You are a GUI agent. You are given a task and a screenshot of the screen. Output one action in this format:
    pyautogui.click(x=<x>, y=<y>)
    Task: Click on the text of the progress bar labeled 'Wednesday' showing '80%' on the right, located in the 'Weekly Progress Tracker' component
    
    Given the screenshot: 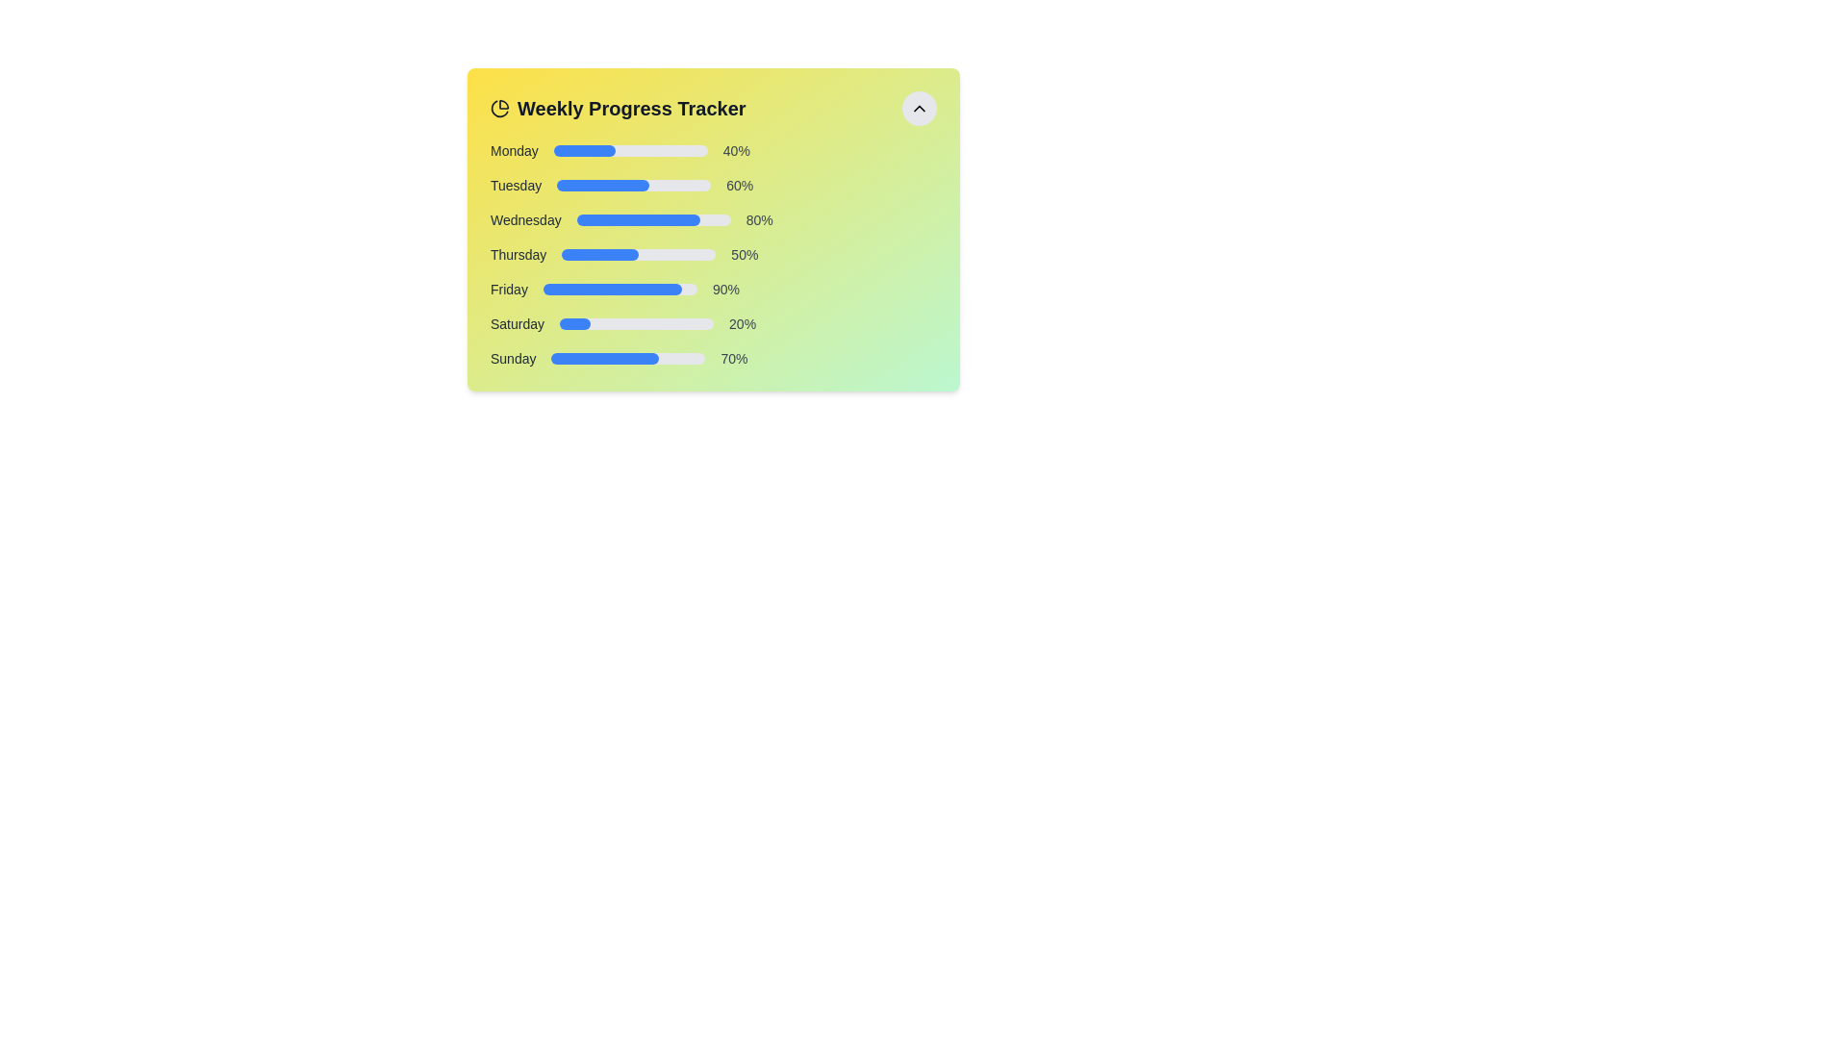 What is the action you would take?
    pyautogui.click(x=713, y=218)
    